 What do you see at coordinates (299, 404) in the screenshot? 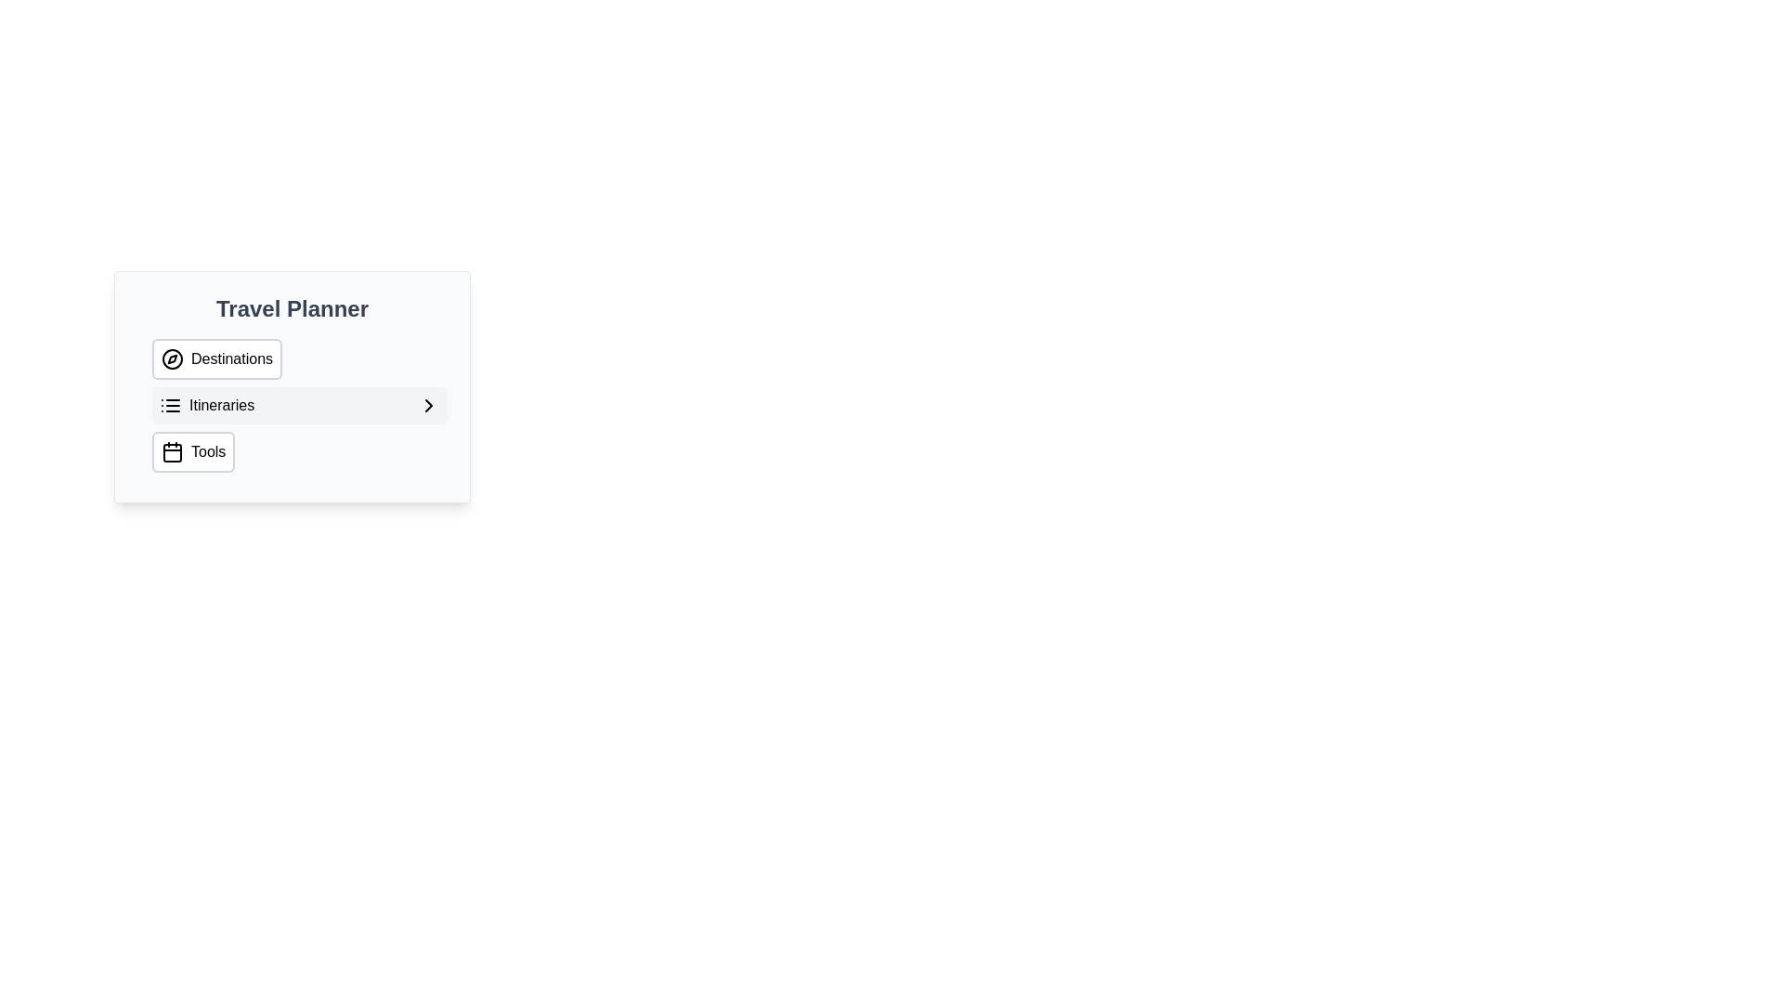
I see `the 'Itineraries' button, which is a rectangular button with a light gray background, located beneath the 'Destinations' button and above the 'Tools' button in the 'Travel Planner' panel` at bounding box center [299, 404].